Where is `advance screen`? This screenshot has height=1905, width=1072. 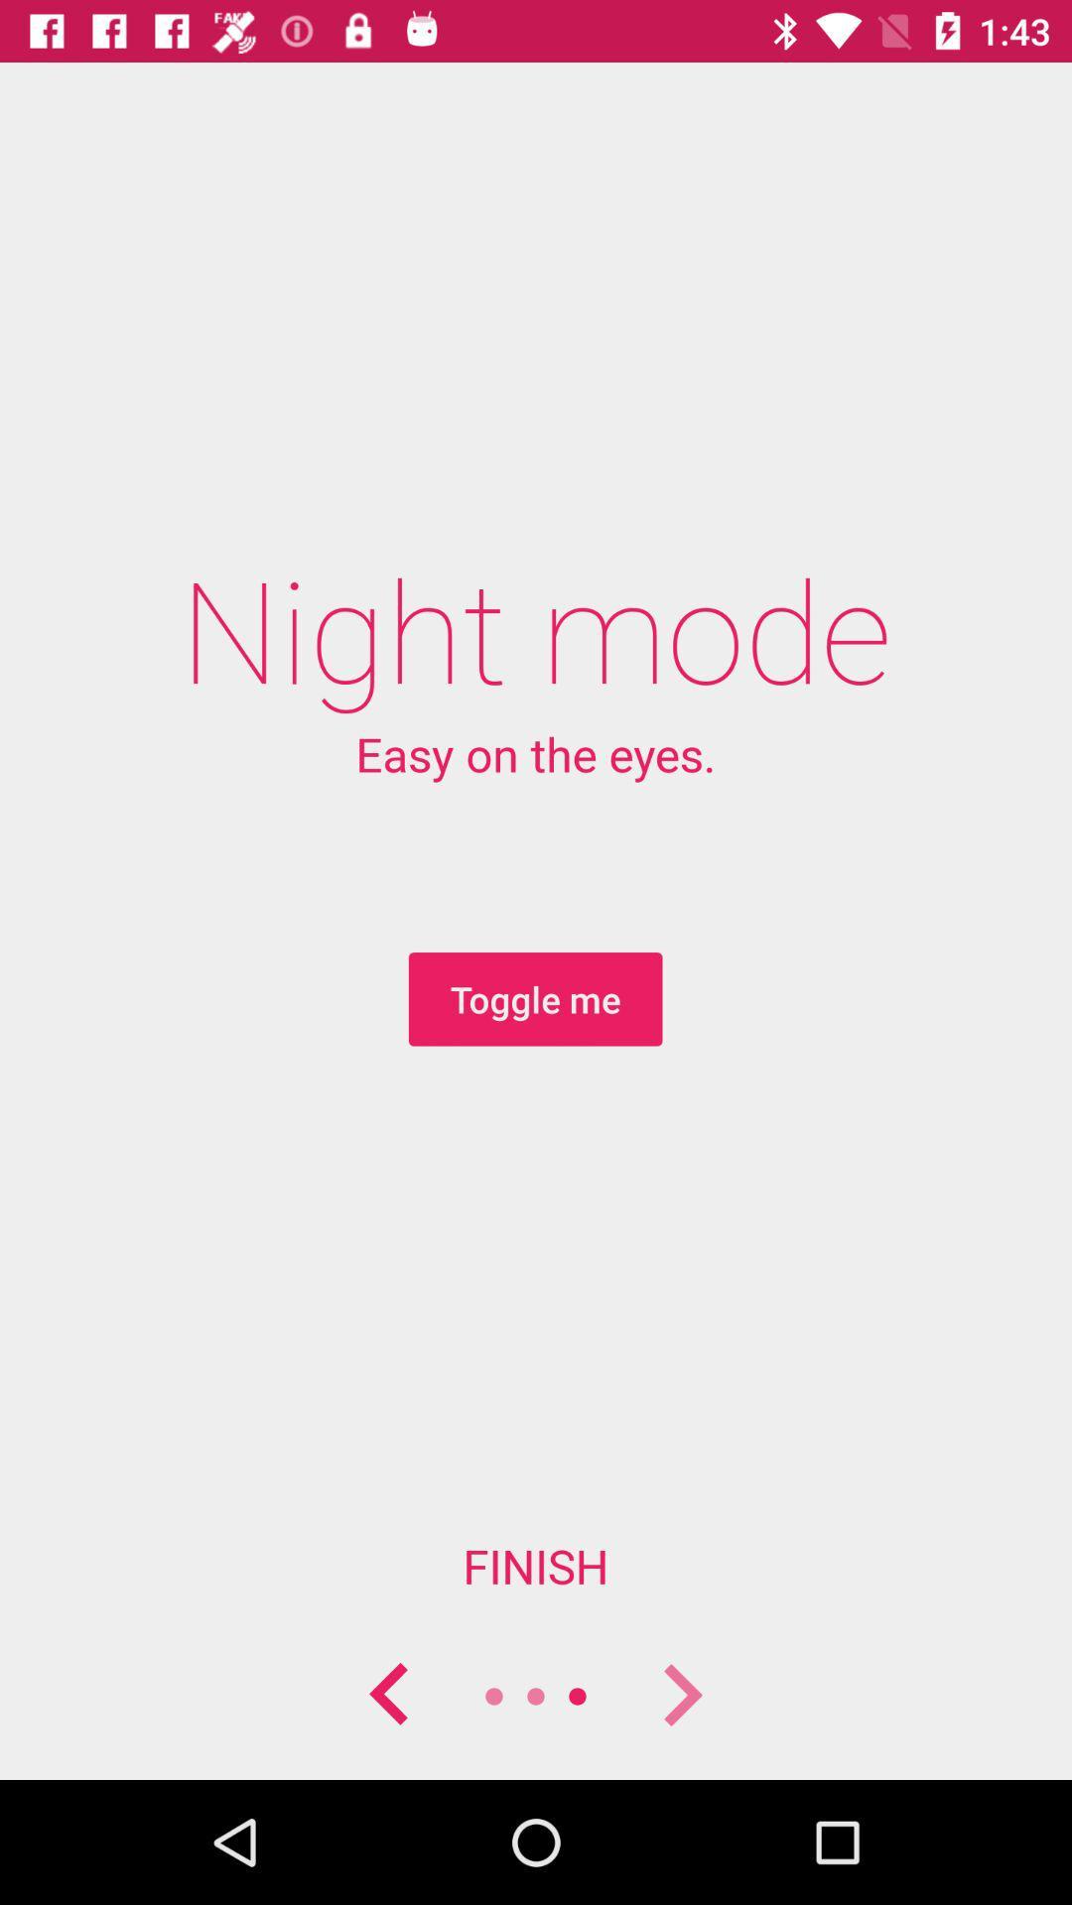
advance screen is located at coordinates (680, 1695).